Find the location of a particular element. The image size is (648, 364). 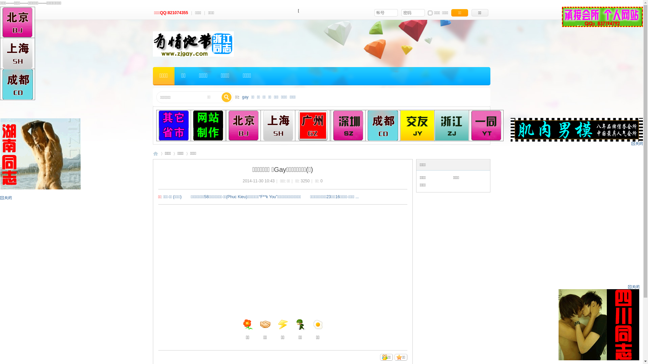

'true' is located at coordinates (226, 97).